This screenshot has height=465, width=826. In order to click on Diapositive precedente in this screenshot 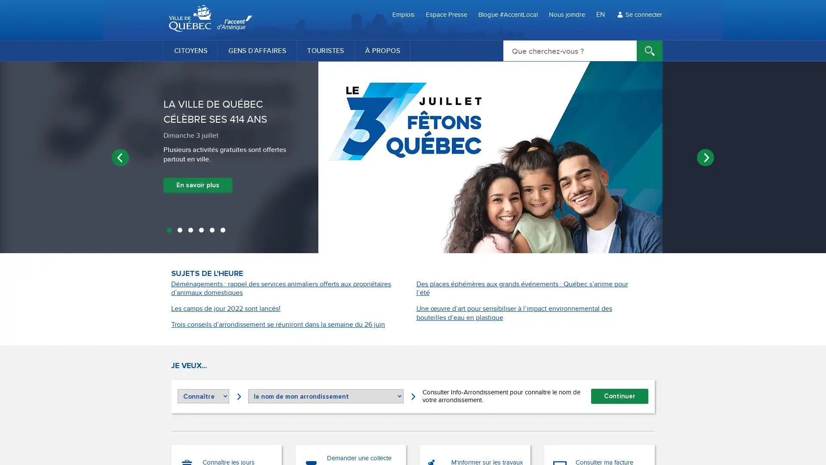, I will do `click(120, 157)`.